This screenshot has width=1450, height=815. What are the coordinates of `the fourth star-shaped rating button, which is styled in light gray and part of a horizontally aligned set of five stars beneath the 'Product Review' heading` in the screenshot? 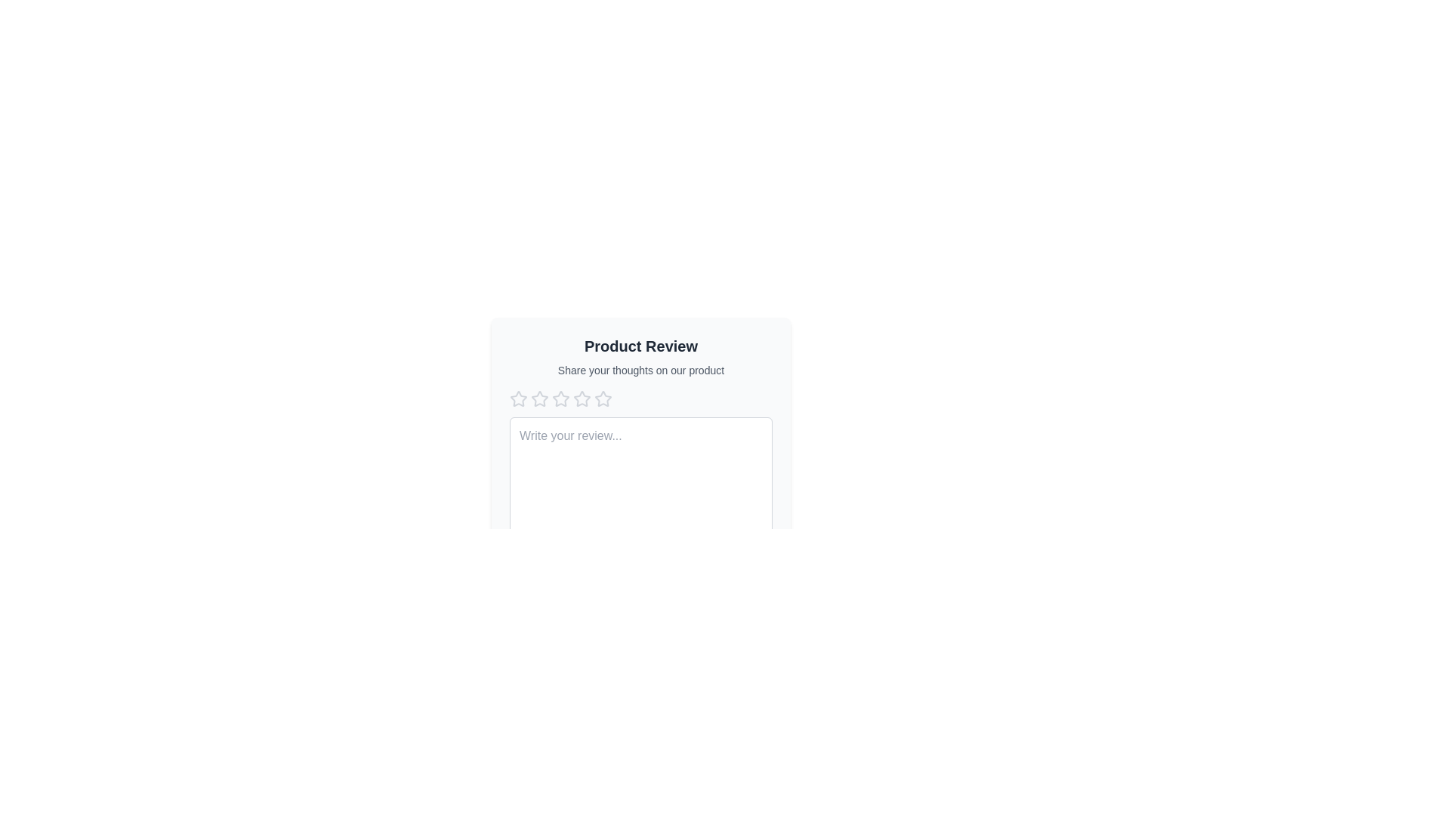 It's located at (582, 398).